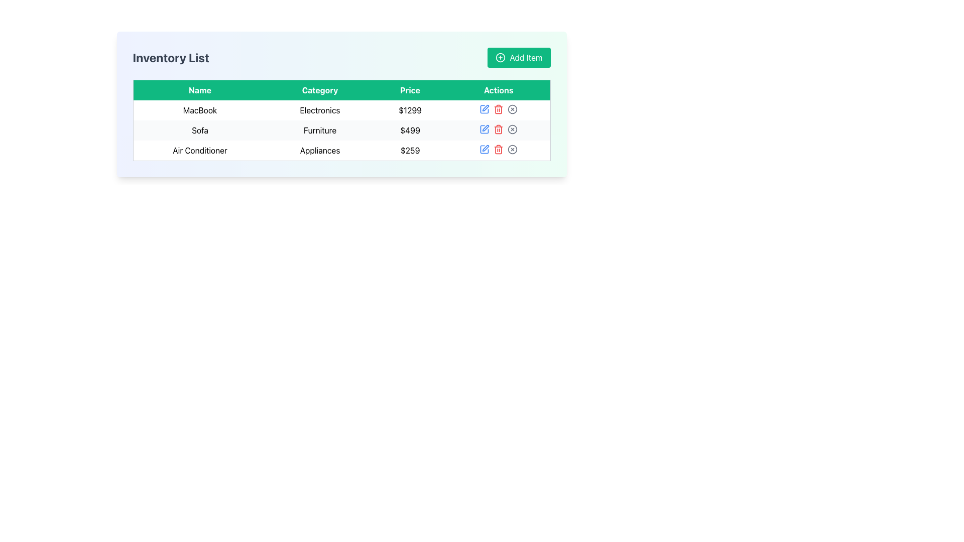 The height and width of the screenshot is (542, 964). I want to click on the 'Add Item' button located in the top-right corner of the inventory list, which contains the decorative icon for adding an item, so click(501, 58).